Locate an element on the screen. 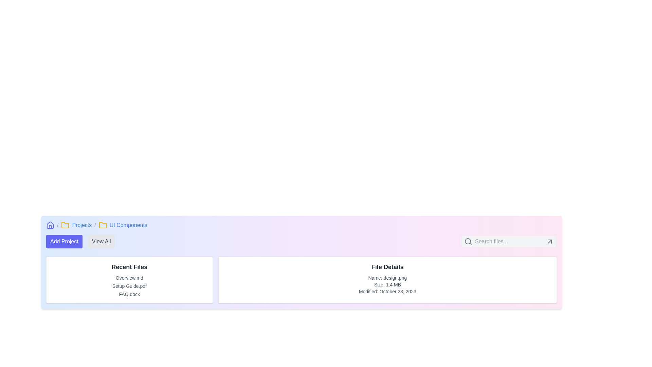  the text element displaying 'Name: design.png', which is located under the 'File Details' section in a smaller, gray font is located at coordinates (387, 278).